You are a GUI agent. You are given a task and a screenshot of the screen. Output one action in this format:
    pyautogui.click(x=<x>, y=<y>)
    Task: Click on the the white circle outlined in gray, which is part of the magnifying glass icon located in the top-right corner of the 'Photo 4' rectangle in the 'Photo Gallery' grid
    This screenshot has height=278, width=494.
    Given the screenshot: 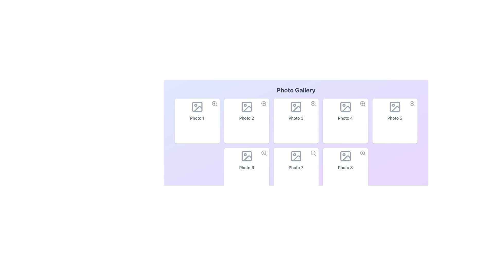 What is the action you would take?
    pyautogui.click(x=362, y=103)
    